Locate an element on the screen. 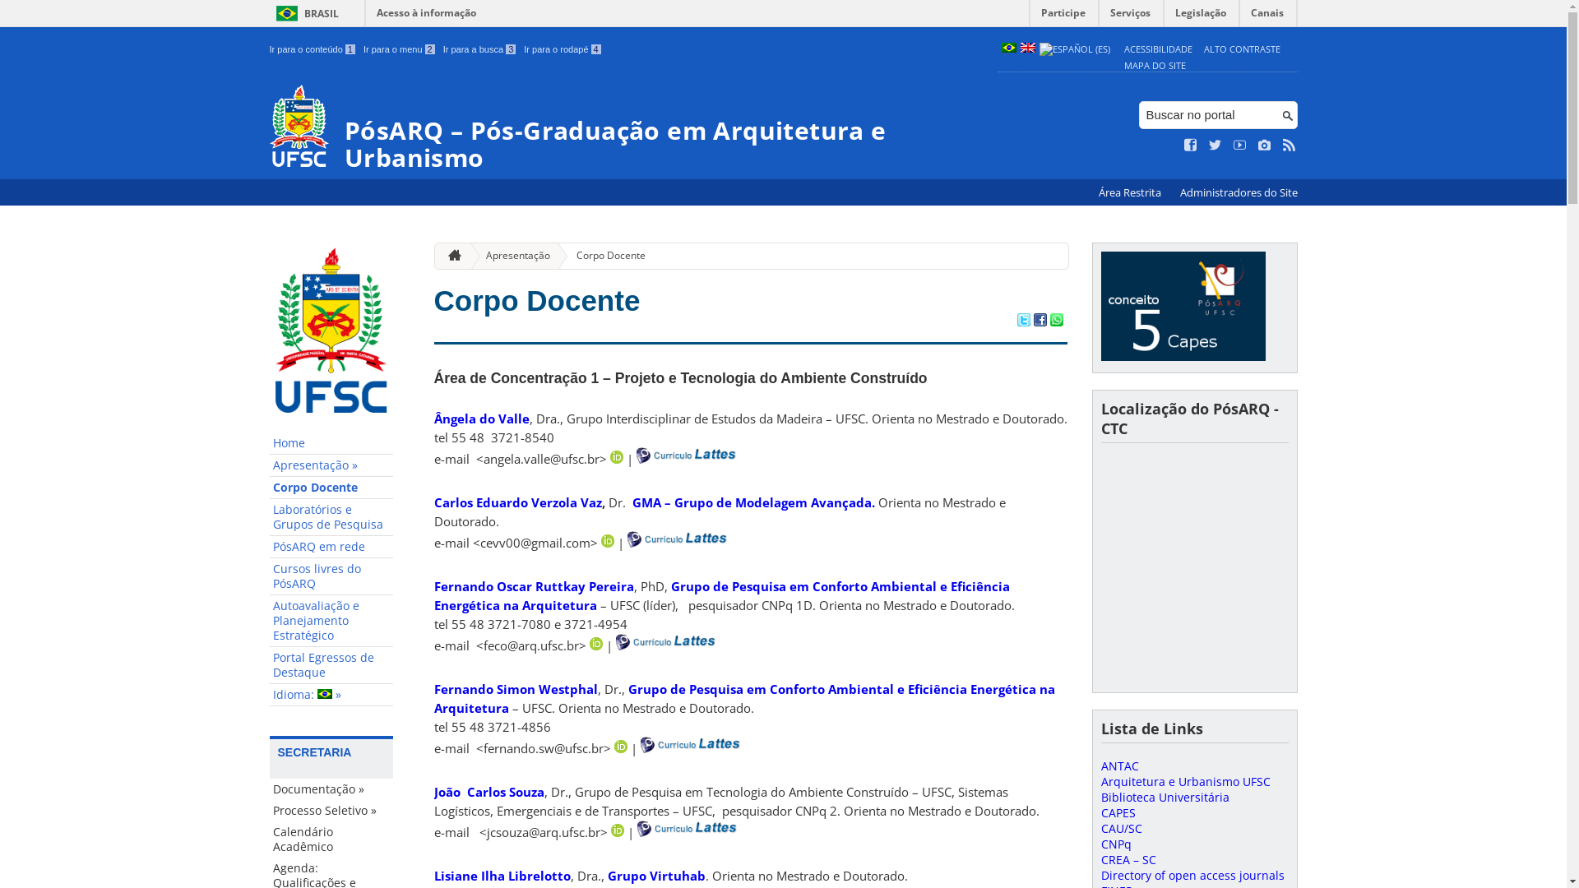  'Carlos Eduardo Verzola Vaz' is located at coordinates (516, 501).